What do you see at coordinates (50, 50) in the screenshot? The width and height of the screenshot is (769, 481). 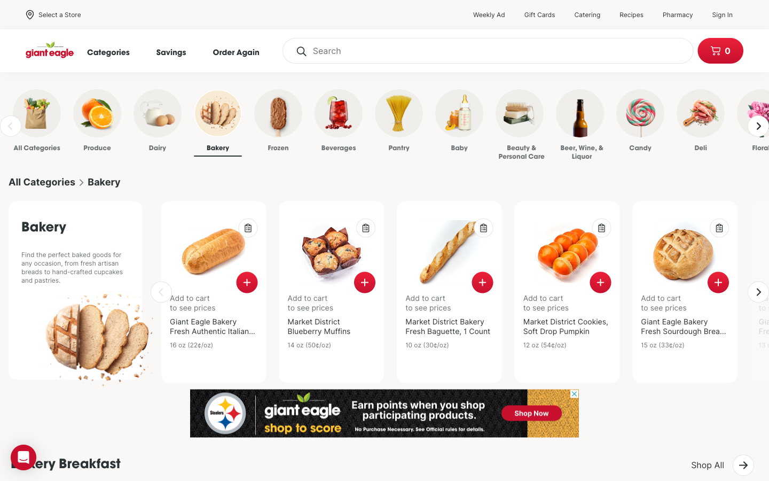 I see `Home Page of Giant Eagle` at bounding box center [50, 50].